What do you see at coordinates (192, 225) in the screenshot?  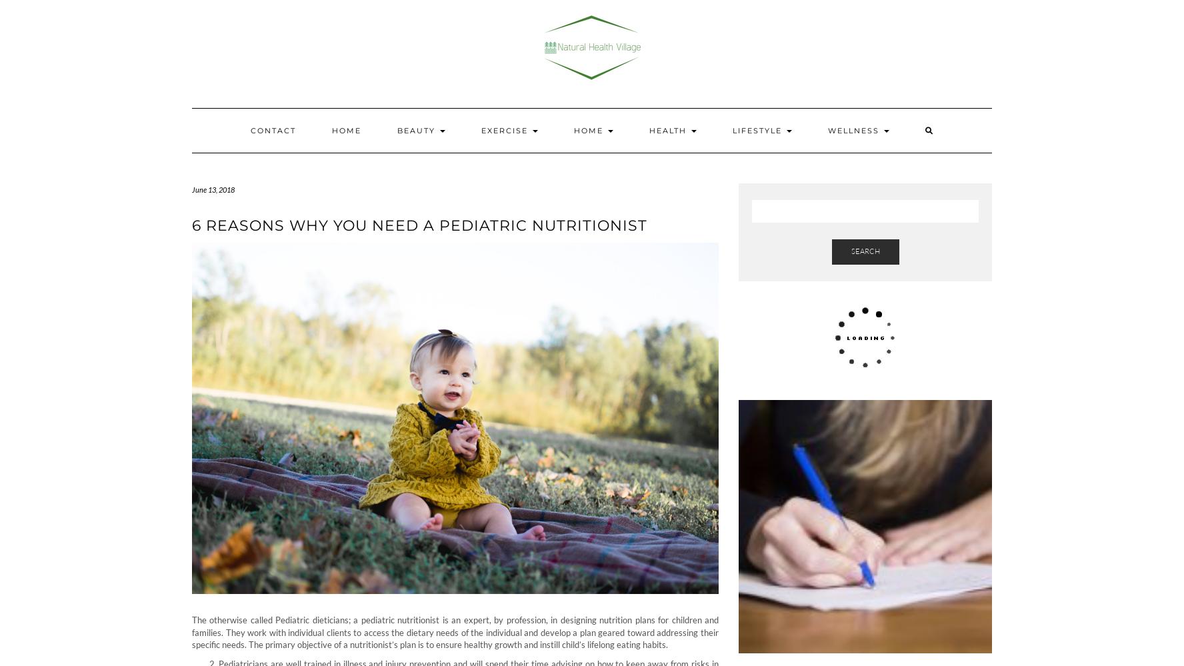 I see `'6 Reasons why you need a Pediatric Nutritionist'` at bounding box center [192, 225].